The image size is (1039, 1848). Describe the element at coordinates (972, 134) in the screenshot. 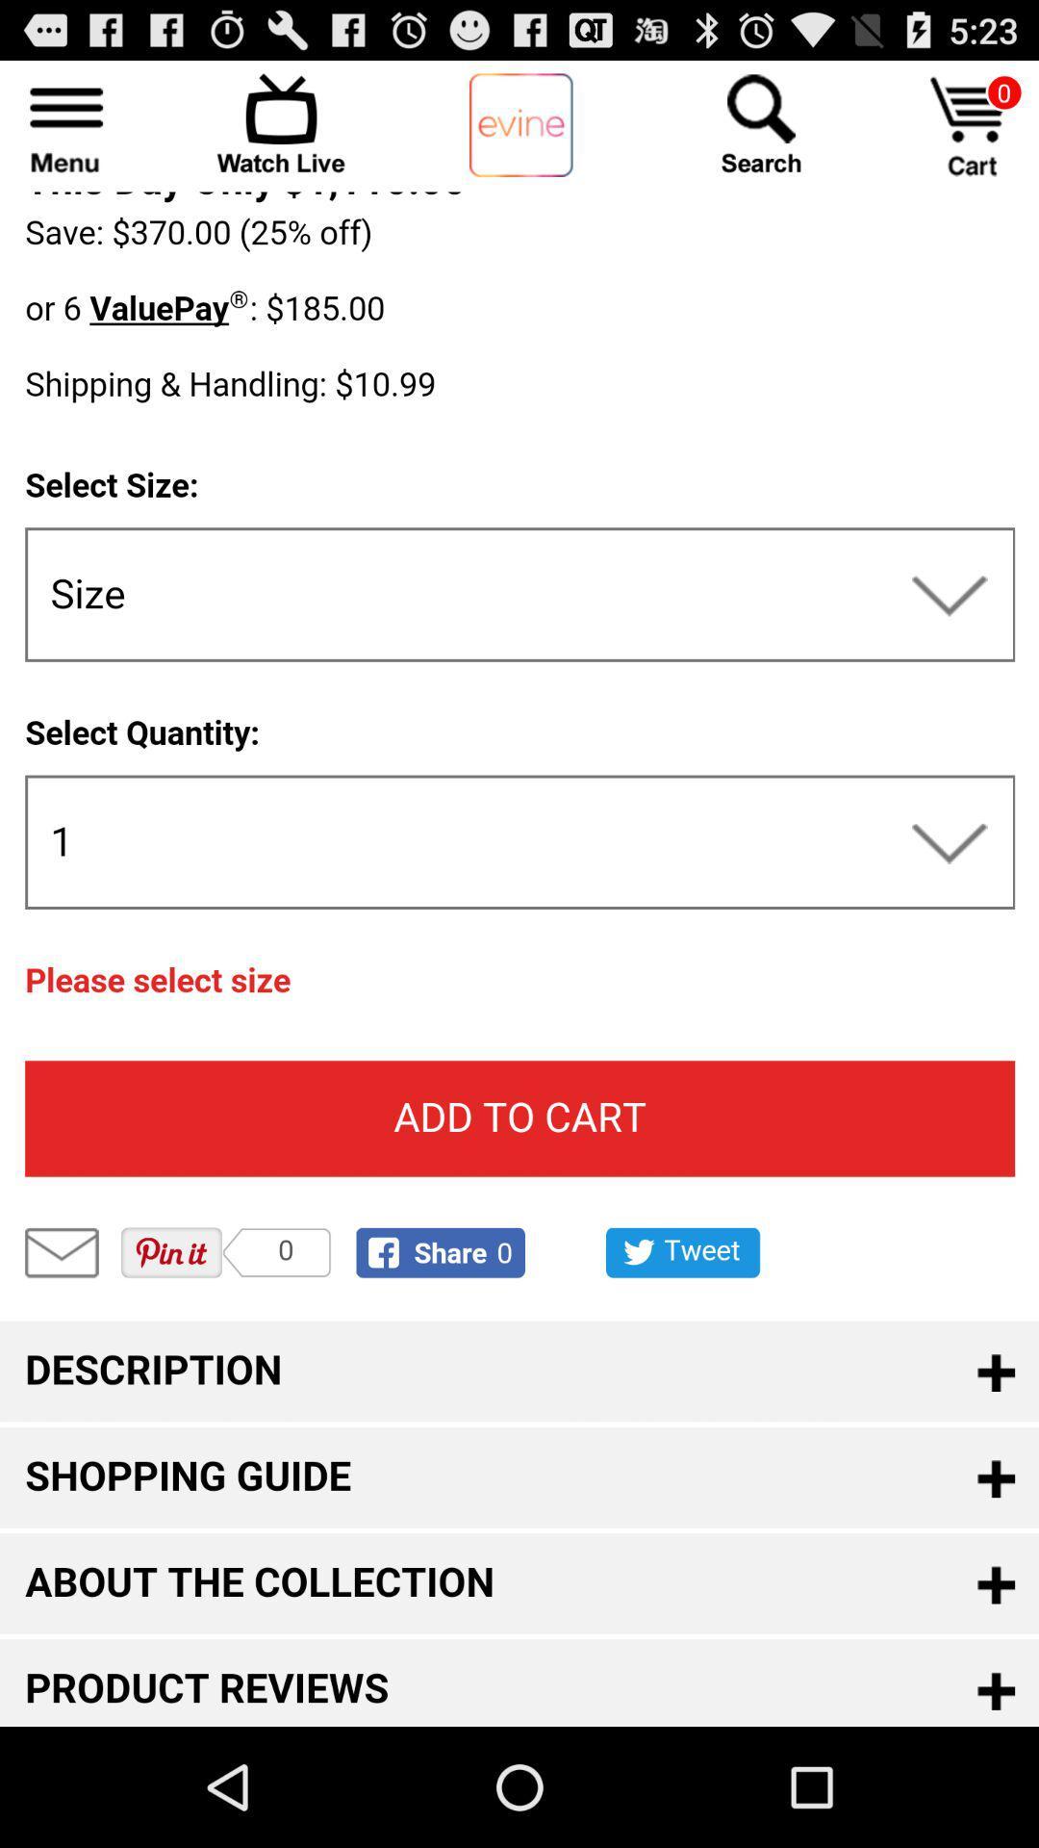

I see `the cart icon` at that location.